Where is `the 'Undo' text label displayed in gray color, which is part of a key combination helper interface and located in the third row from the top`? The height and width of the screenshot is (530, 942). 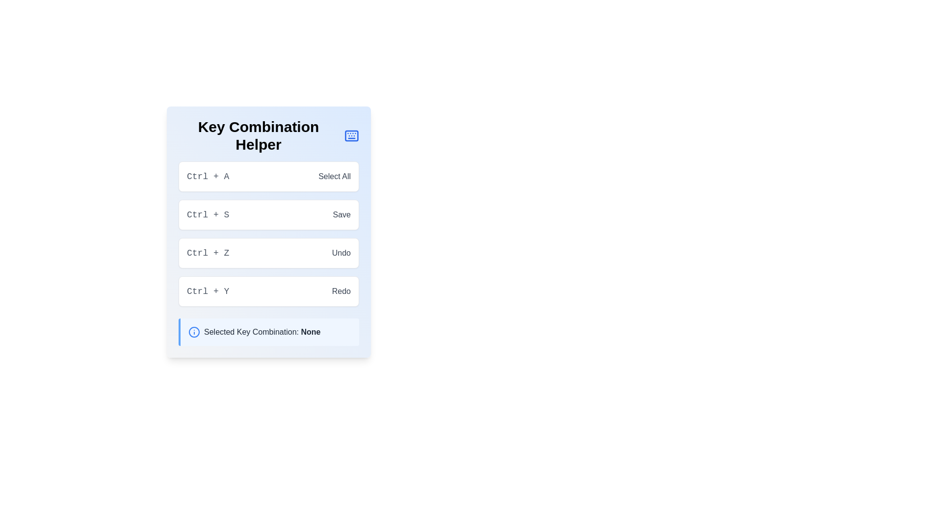
the 'Undo' text label displayed in gray color, which is part of a key combination helper interface and located in the third row from the top is located at coordinates (341, 253).